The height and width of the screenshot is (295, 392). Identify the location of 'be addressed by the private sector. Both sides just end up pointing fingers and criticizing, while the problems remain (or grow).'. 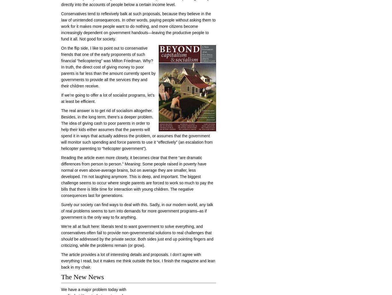
(137, 242).